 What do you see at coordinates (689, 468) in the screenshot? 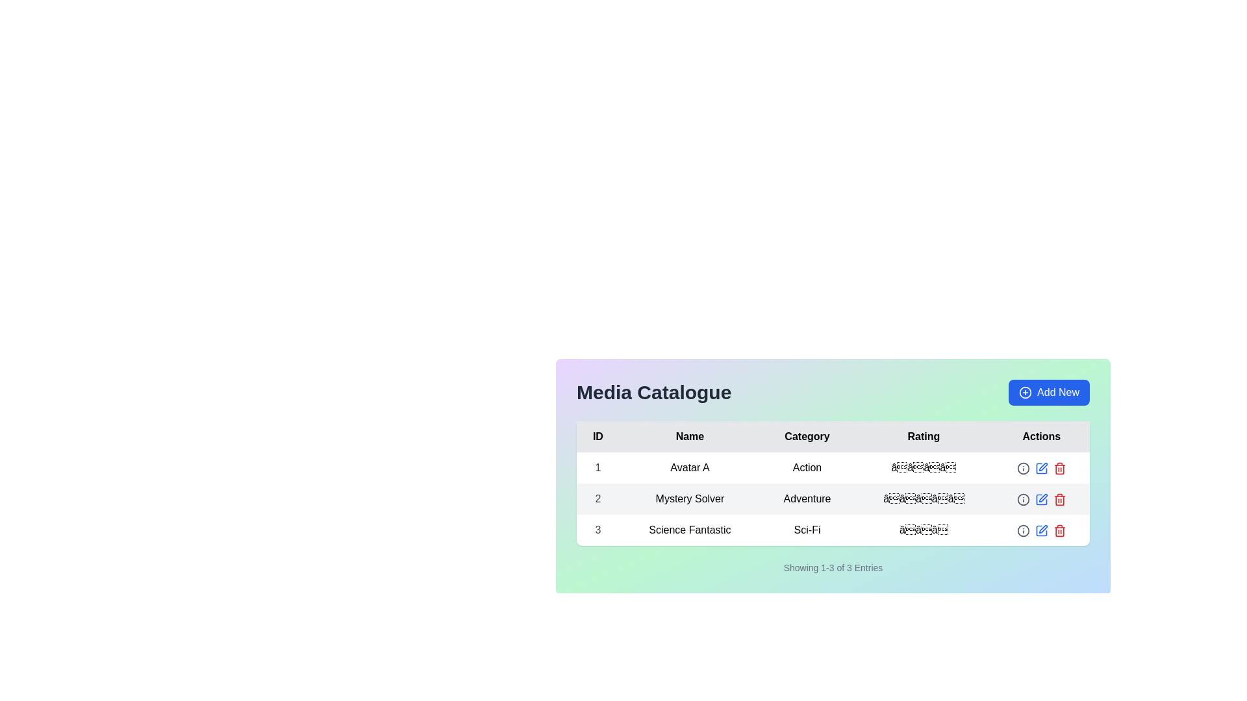
I see `text content of the Text Label displaying the name of the first entry in the table, located in the 'Name' column adjacent to '1' in the 'ID' column and 'Action' in the 'Category' column` at bounding box center [689, 468].